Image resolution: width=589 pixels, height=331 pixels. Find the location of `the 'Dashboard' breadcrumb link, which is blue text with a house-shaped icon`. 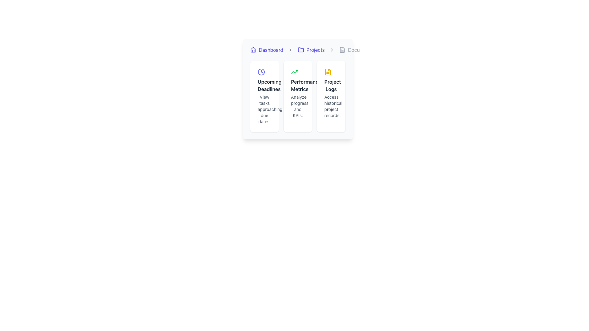

the 'Dashboard' breadcrumb link, which is blue text with a house-shaped icon is located at coordinates (267, 49).